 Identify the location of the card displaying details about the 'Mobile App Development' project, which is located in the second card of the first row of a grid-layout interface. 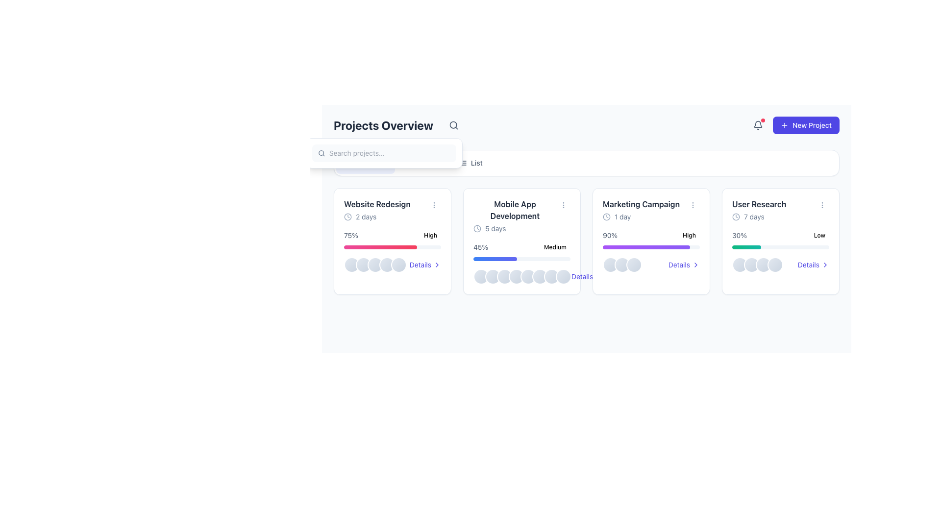
(521, 241).